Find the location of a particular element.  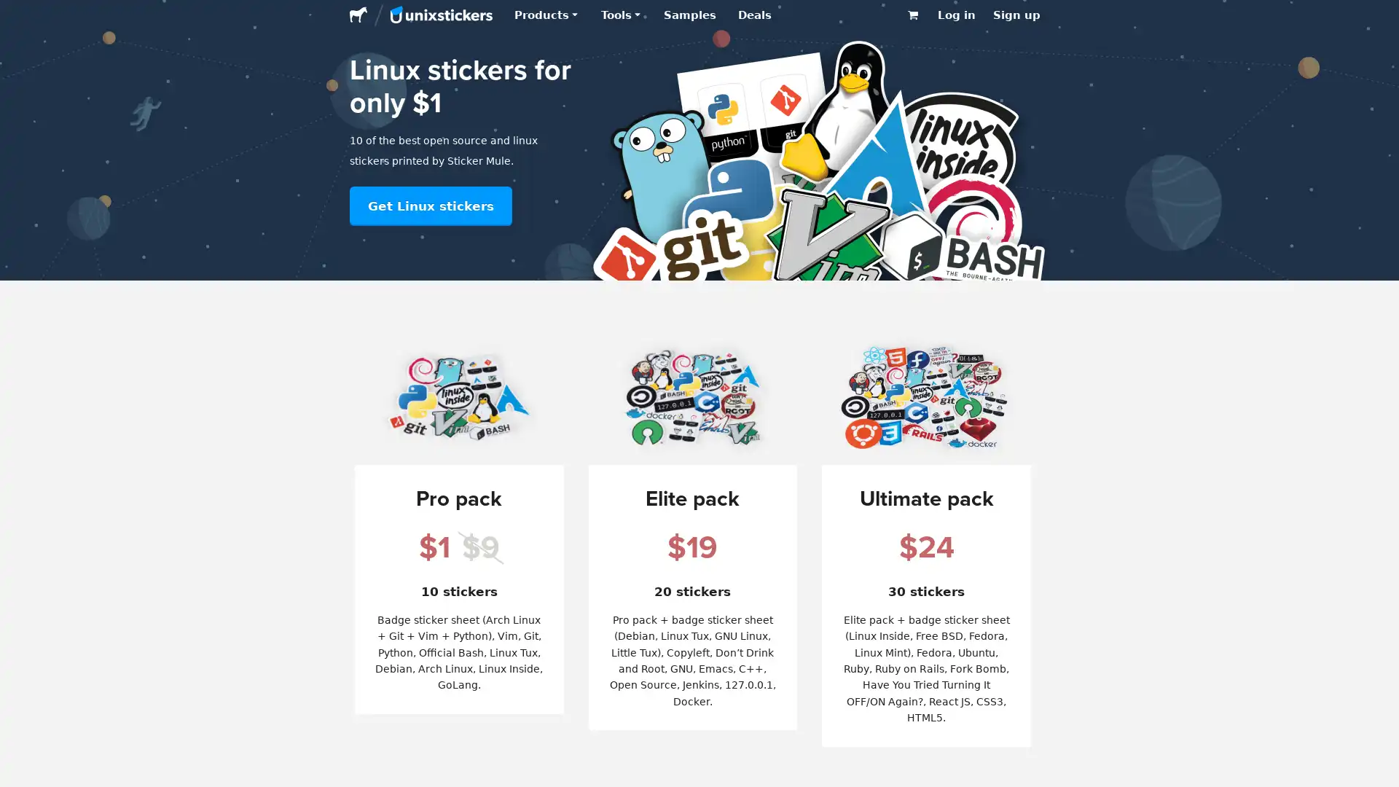

Show submenu for Tools is located at coordinates (637, 15).